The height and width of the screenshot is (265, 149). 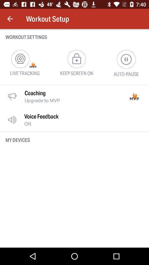 I want to click on icon above the workout settings item, so click(x=10, y=19).